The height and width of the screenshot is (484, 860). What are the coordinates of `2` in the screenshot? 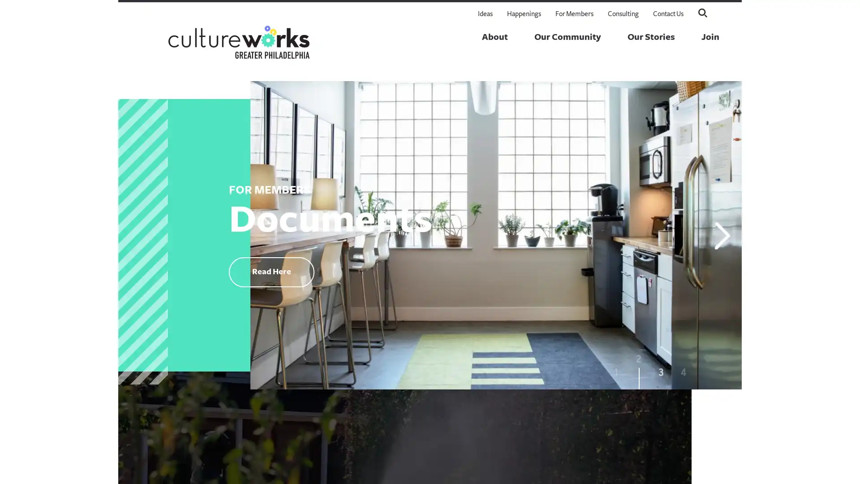 It's located at (638, 375).